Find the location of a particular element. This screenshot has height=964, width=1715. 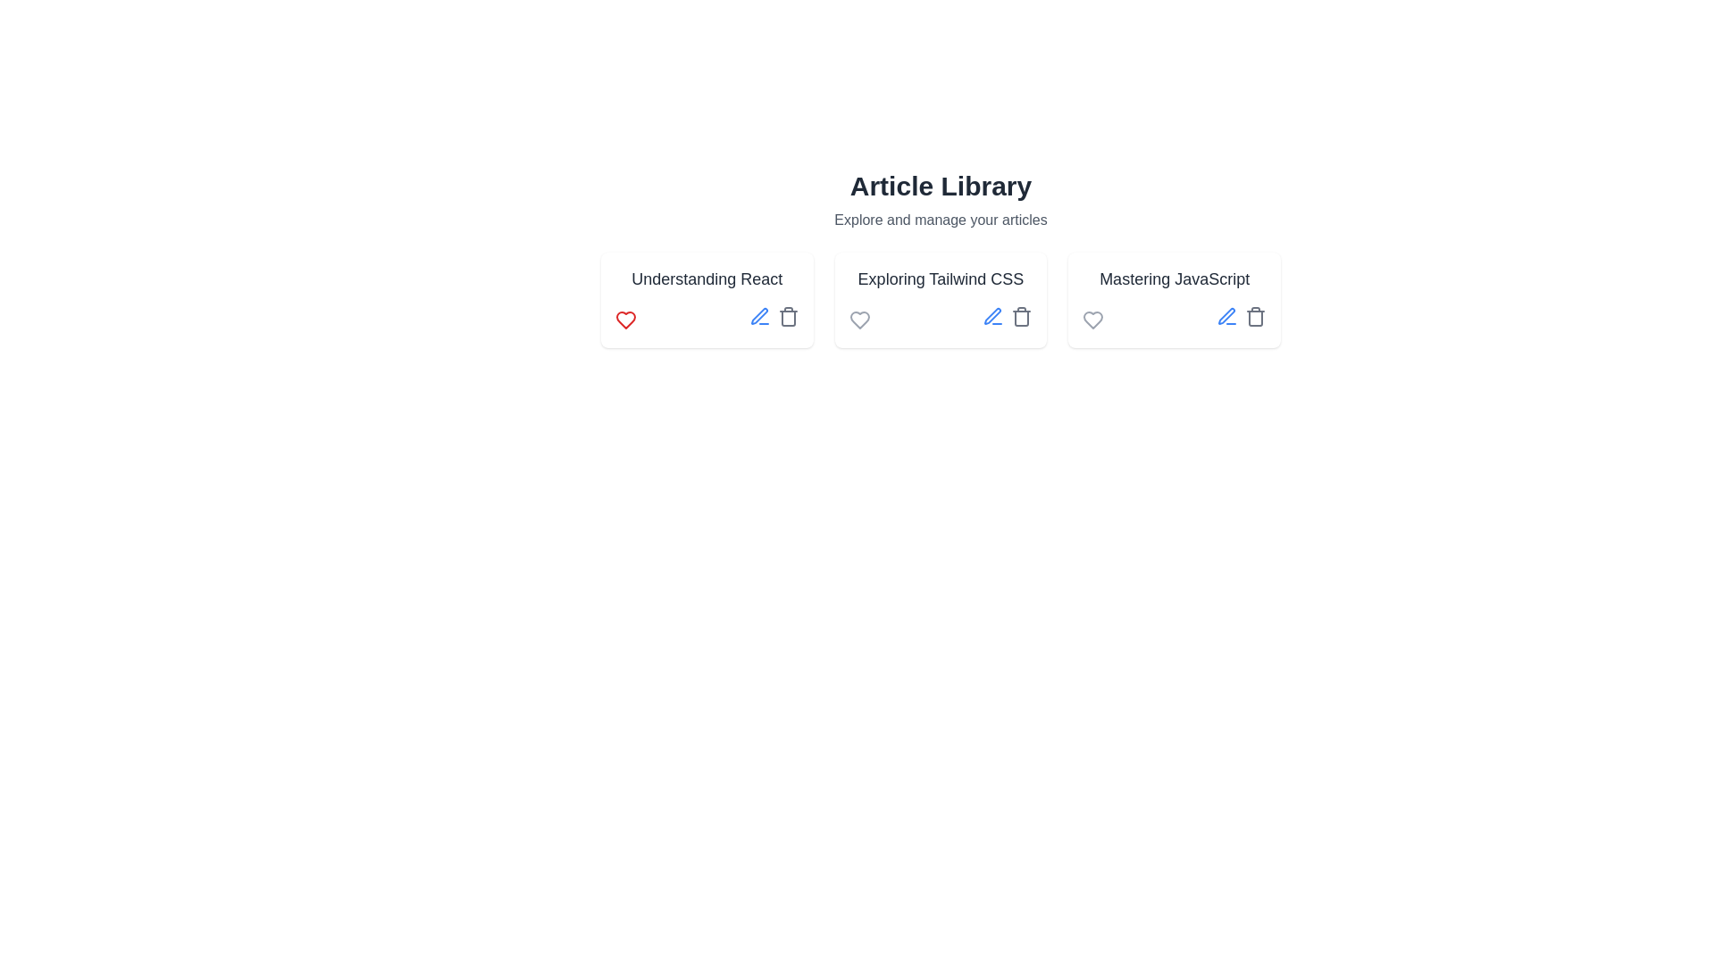

the delete icon button is located at coordinates (1022, 315).